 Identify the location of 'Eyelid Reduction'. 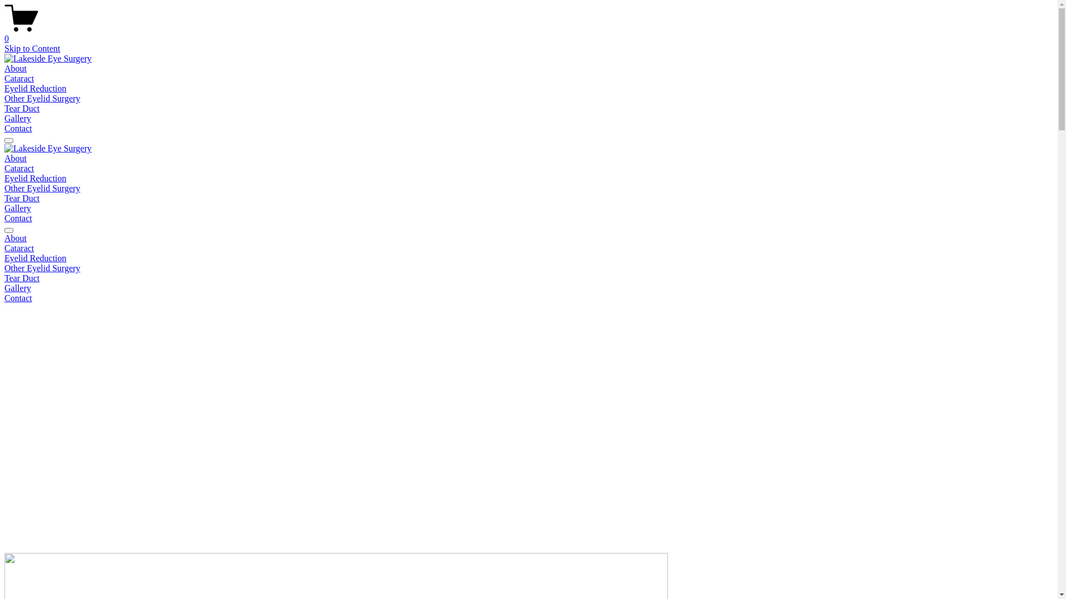
(35, 177).